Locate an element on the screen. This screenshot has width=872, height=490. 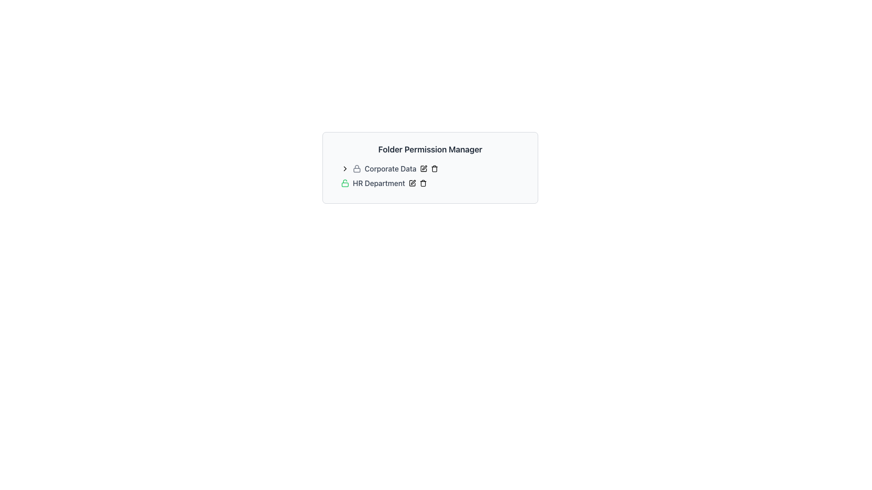
the editing icon/button for the 'HR Department' entry, located between the trash bin icon and the folder lock icon is located at coordinates (411, 183).